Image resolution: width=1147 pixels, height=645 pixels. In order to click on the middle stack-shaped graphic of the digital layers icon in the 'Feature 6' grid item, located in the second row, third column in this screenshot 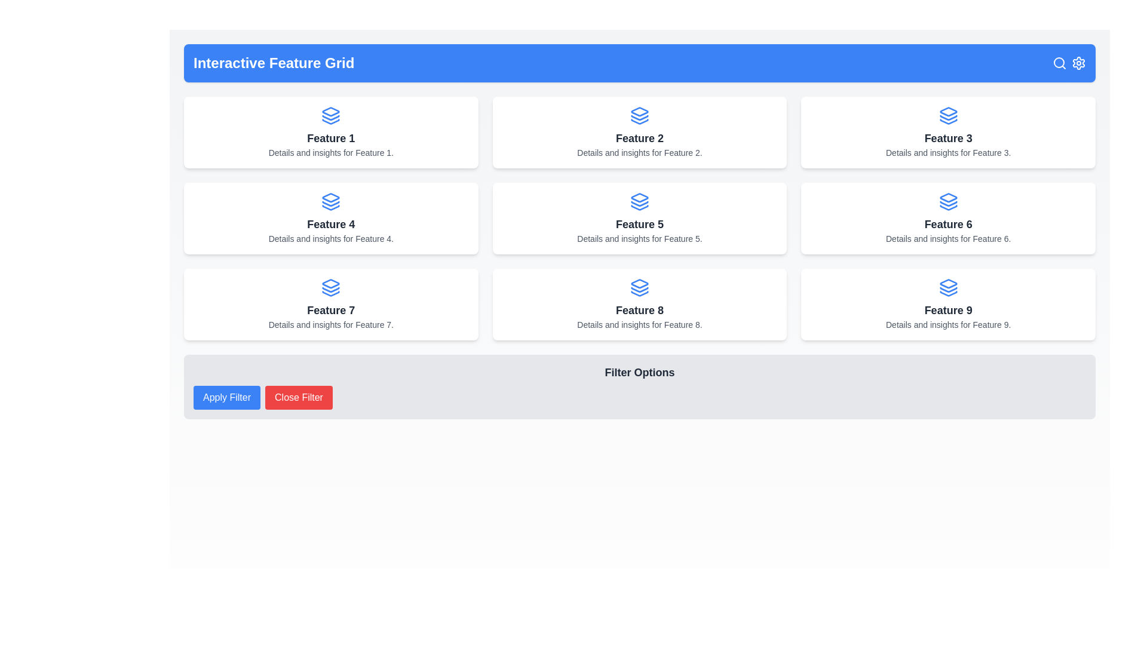, I will do `click(947, 203)`.